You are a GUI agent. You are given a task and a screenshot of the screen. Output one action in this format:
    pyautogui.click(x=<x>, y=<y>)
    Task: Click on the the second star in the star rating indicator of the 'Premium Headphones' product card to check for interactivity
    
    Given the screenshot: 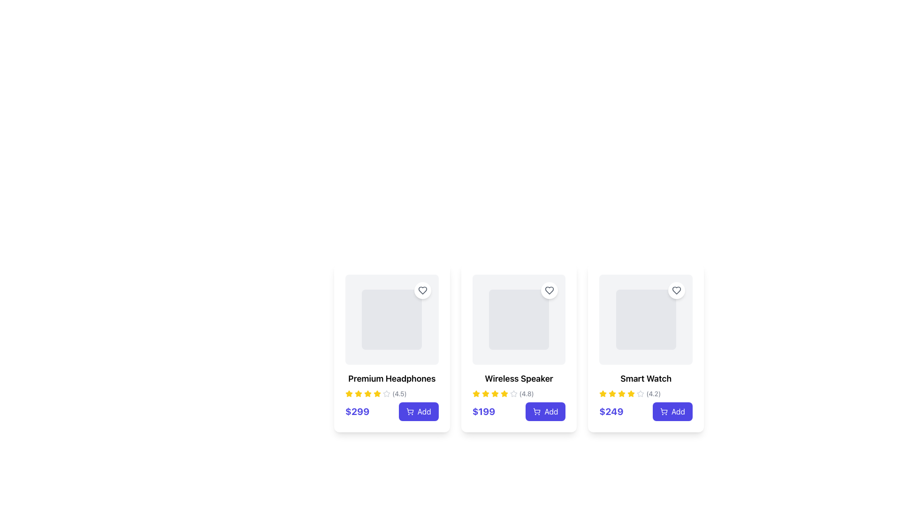 What is the action you would take?
    pyautogui.click(x=387, y=393)
    